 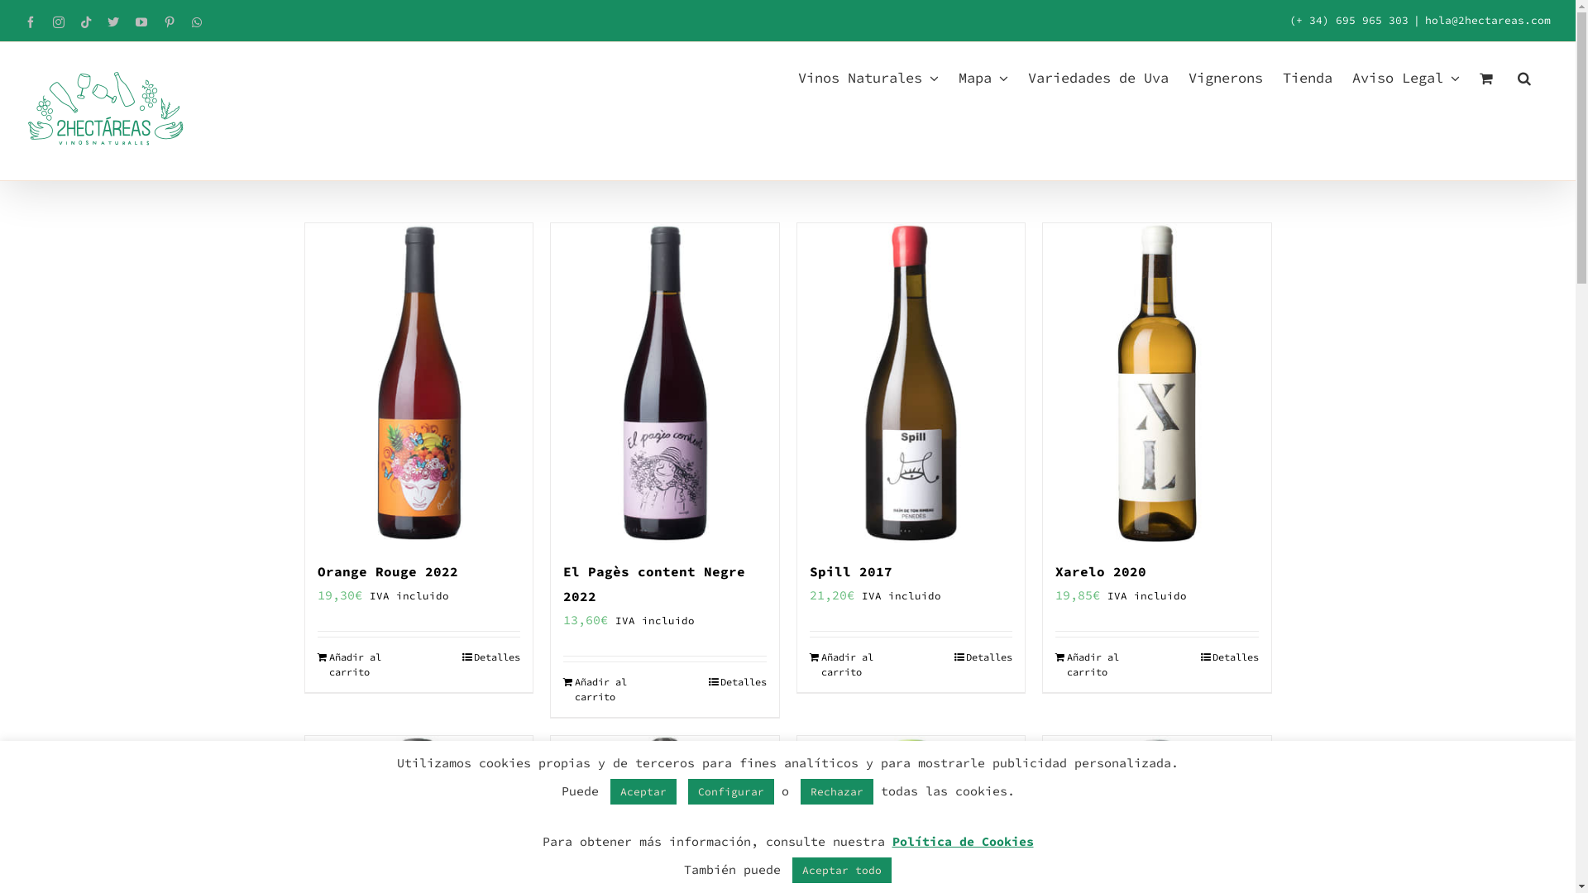 I want to click on 'Facebook', so click(x=31, y=22).